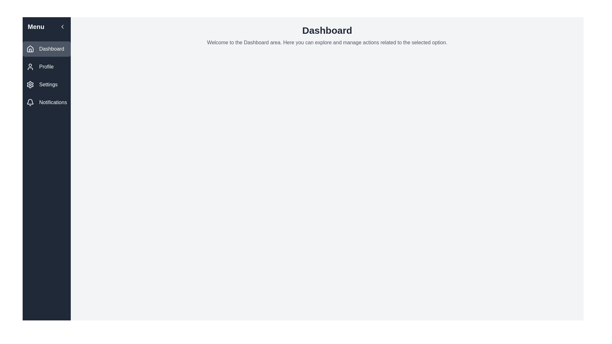 The image size is (612, 344). Describe the element at coordinates (30, 84) in the screenshot. I see `the 'Settings' icon located on the left navigation panel` at that location.